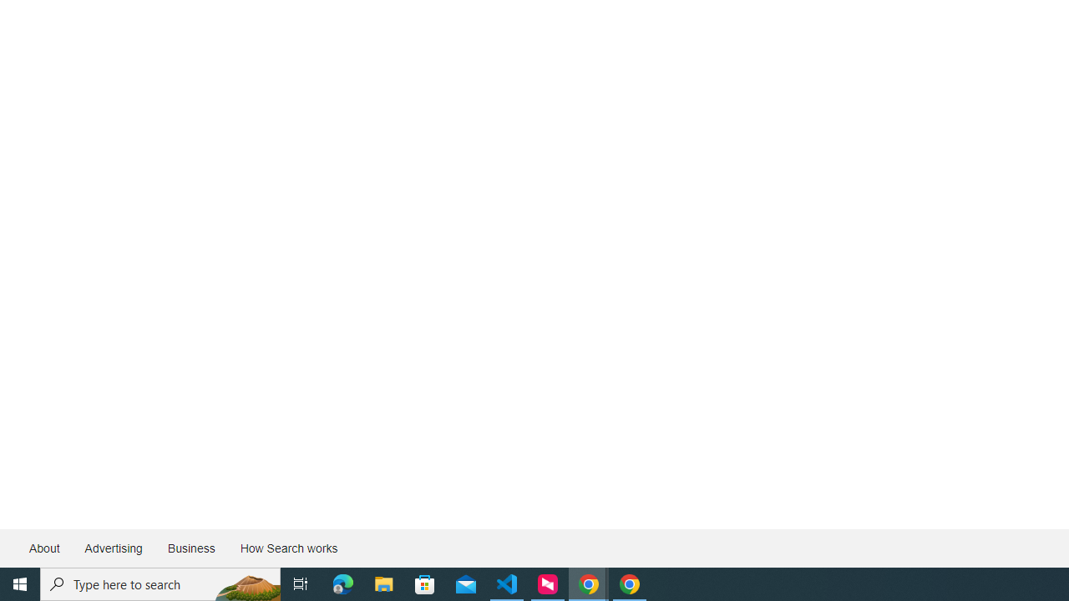 This screenshot has width=1069, height=601. What do you see at coordinates (288, 548) in the screenshot?
I see `'How Search works'` at bounding box center [288, 548].